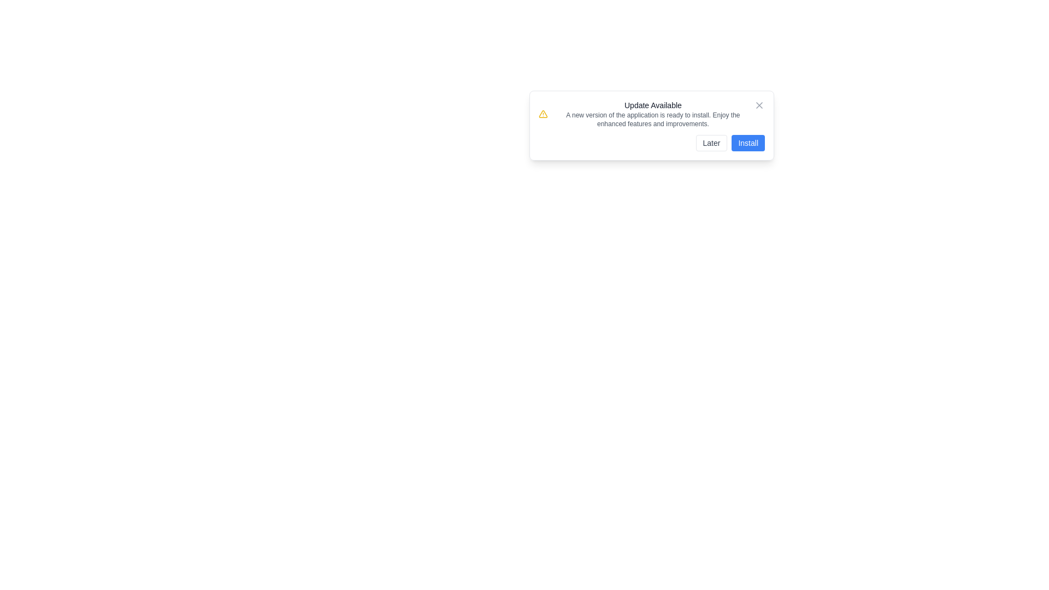 The width and height of the screenshot is (1049, 590). What do you see at coordinates (653, 105) in the screenshot?
I see `the text label that says 'Update Available', which is prominently placed at the top of the notification card` at bounding box center [653, 105].